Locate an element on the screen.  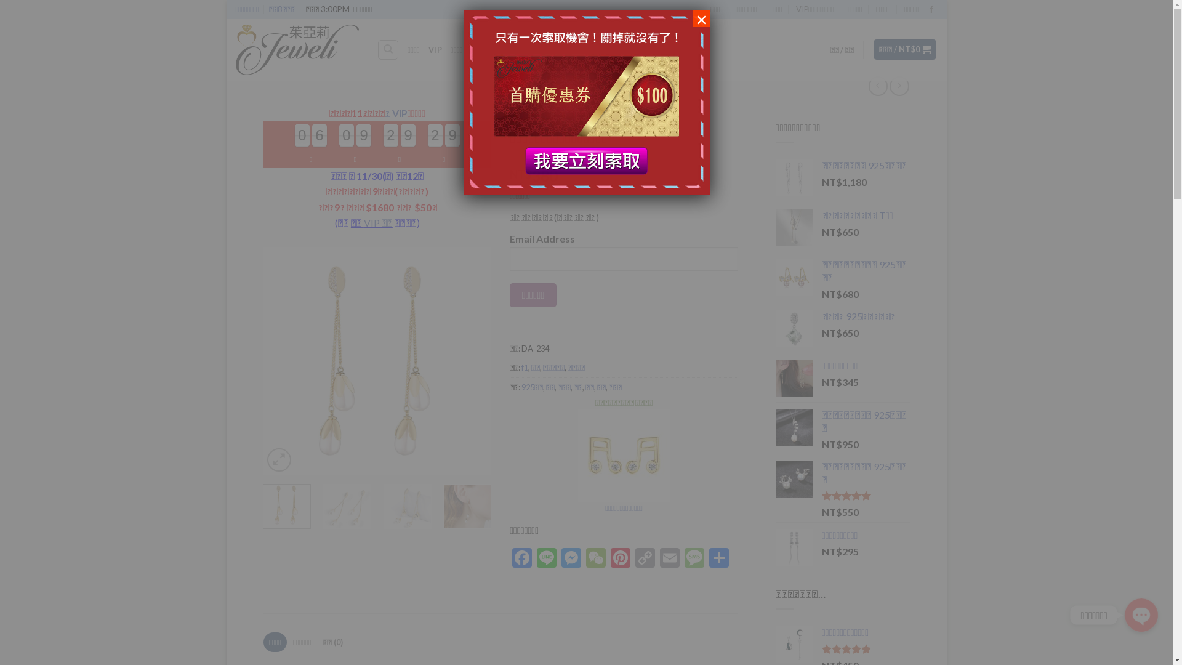
'Facebook' is located at coordinates (510, 558).